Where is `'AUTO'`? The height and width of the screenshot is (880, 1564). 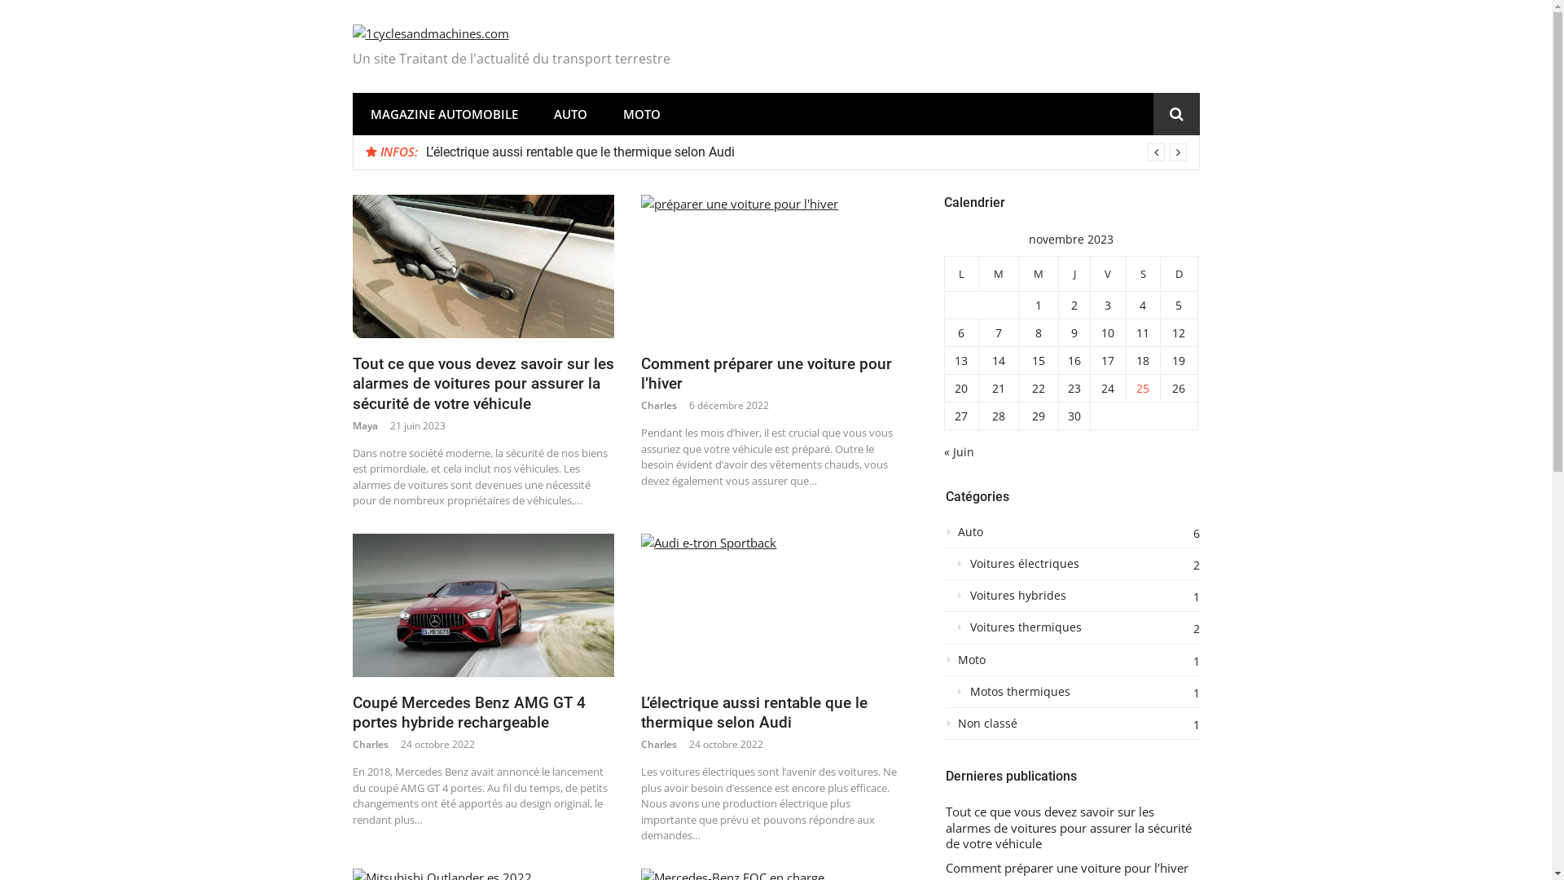 'AUTO' is located at coordinates (535, 113).